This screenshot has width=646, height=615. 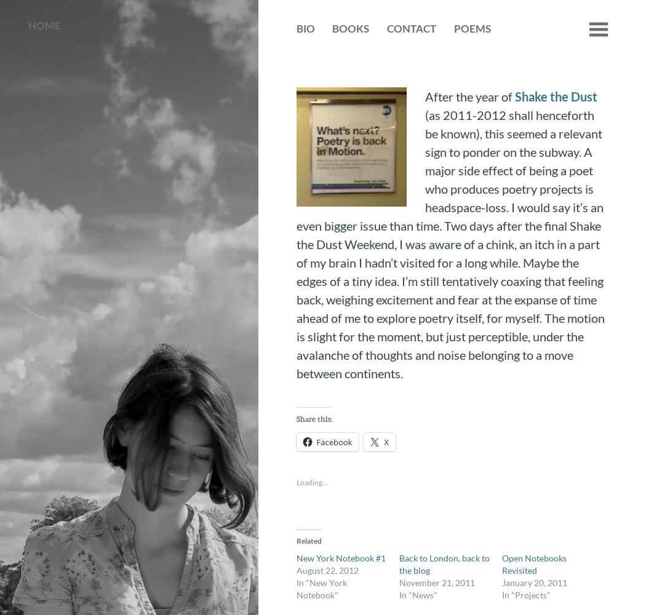 I want to click on 'Share this:', so click(x=313, y=419).